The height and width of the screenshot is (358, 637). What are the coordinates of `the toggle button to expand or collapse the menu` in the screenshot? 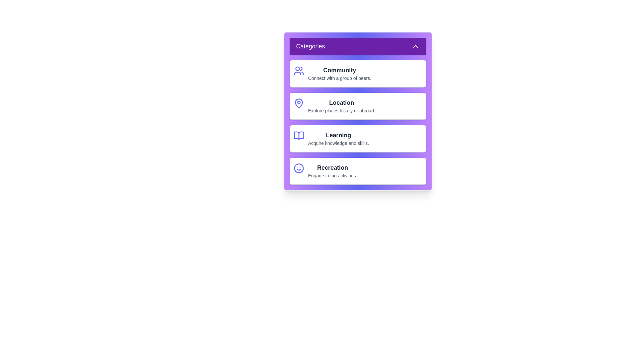 It's located at (357, 46).